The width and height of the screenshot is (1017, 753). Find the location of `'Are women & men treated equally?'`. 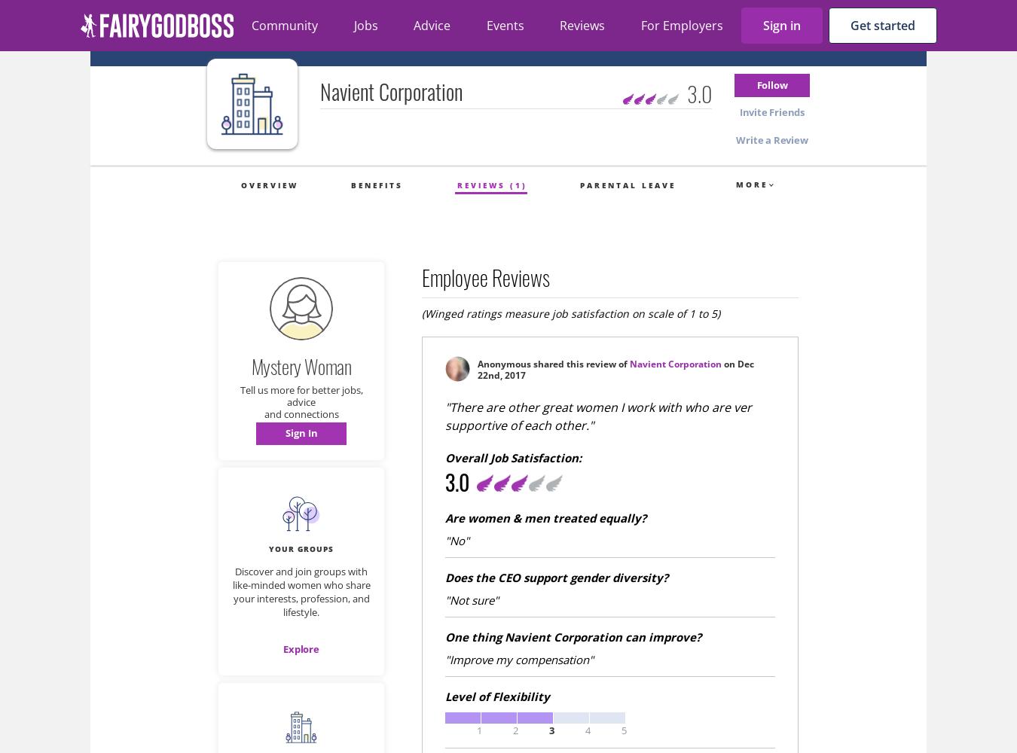

'Are women & men treated equally?' is located at coordinates (545, 517).